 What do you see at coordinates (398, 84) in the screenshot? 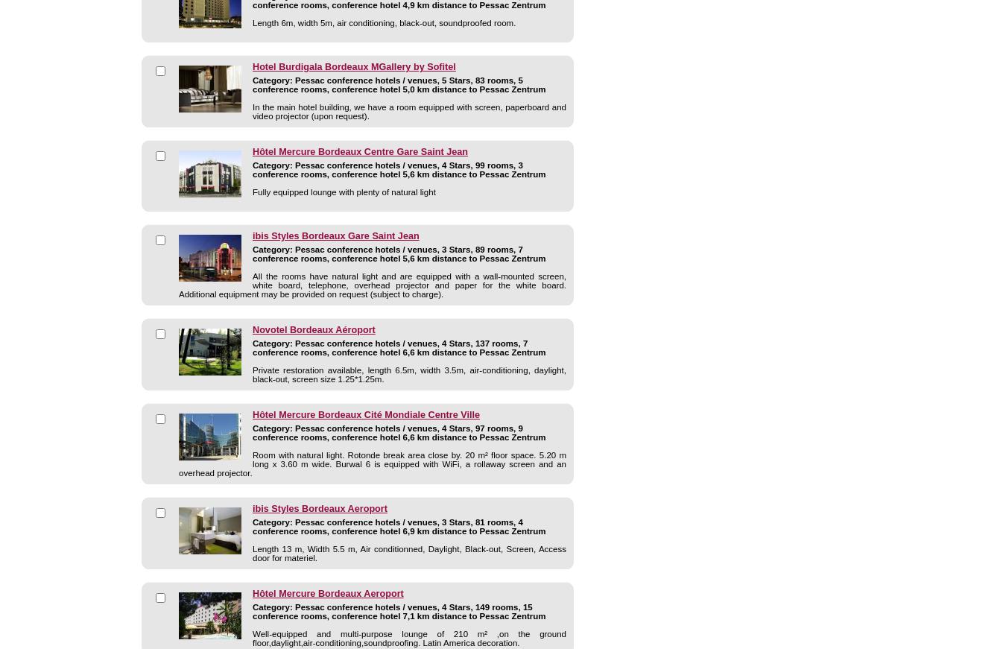
I see `'Category: Pessac conference hotels / venues, 5 Stars, 83 rooms, 5 conference rooms, conference hotel  5,0 km distance to Pessac Zentrum'` at bounding box center [398, 84].